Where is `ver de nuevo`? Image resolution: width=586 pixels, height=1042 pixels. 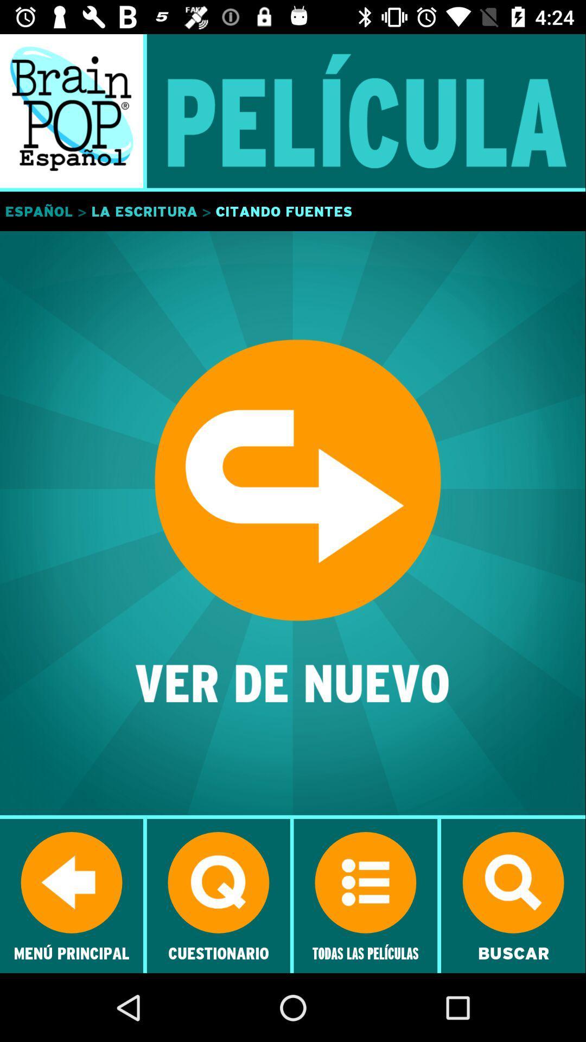
ver de nuevo is located at coordinates (293, 524).